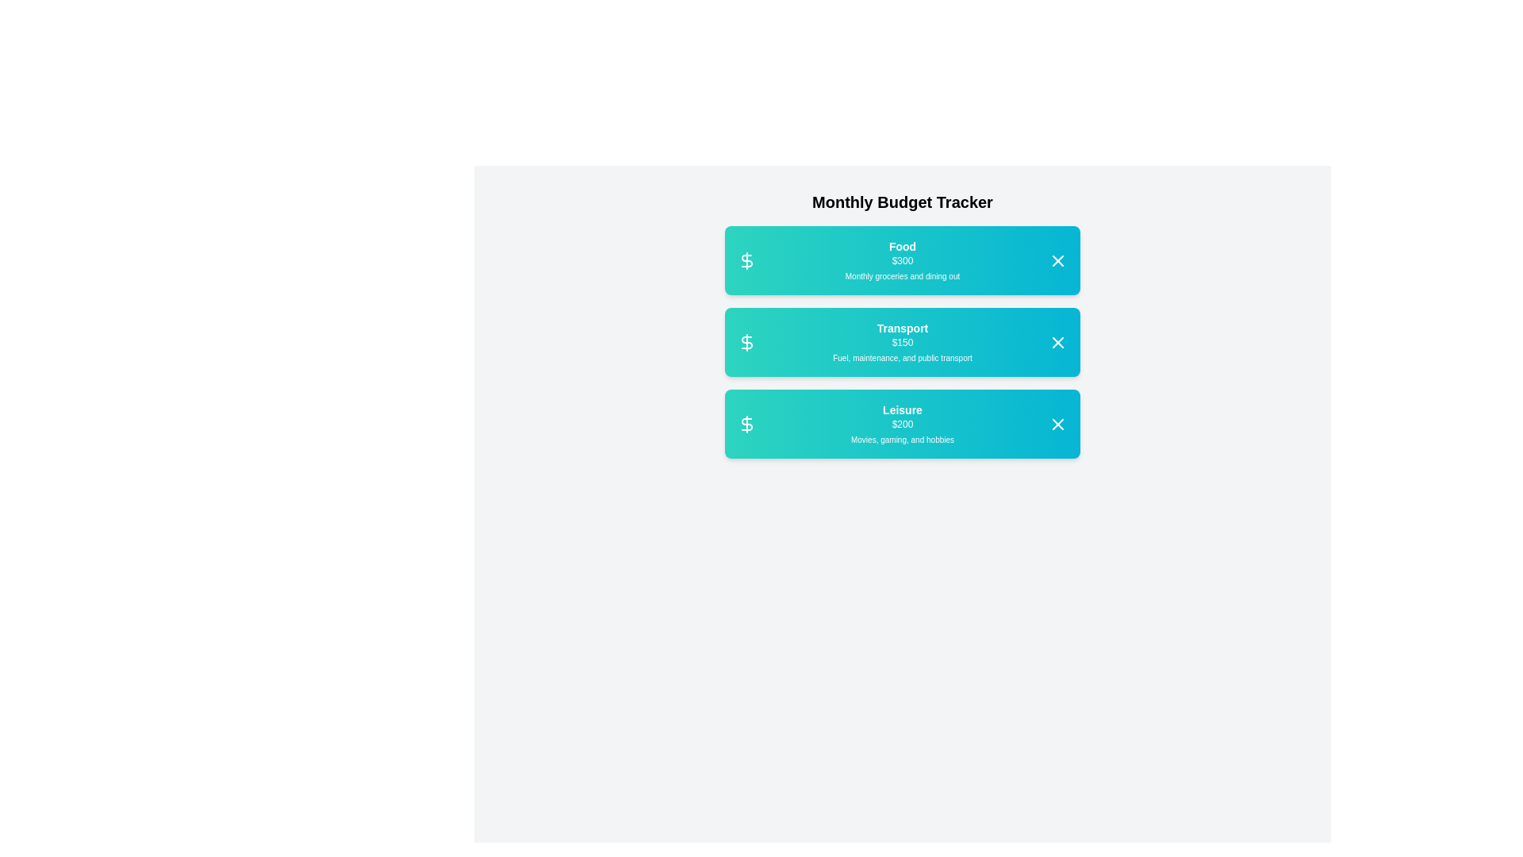  Describe the element at coordinates (902, 341) in the screenshot. I see `the category chip for Transport` at that location.